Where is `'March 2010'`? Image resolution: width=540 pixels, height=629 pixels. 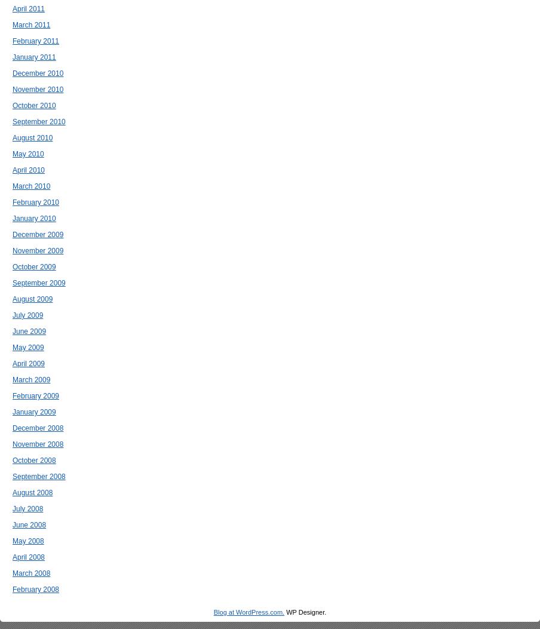
'March 2010' is located at coordinates (30, 186).